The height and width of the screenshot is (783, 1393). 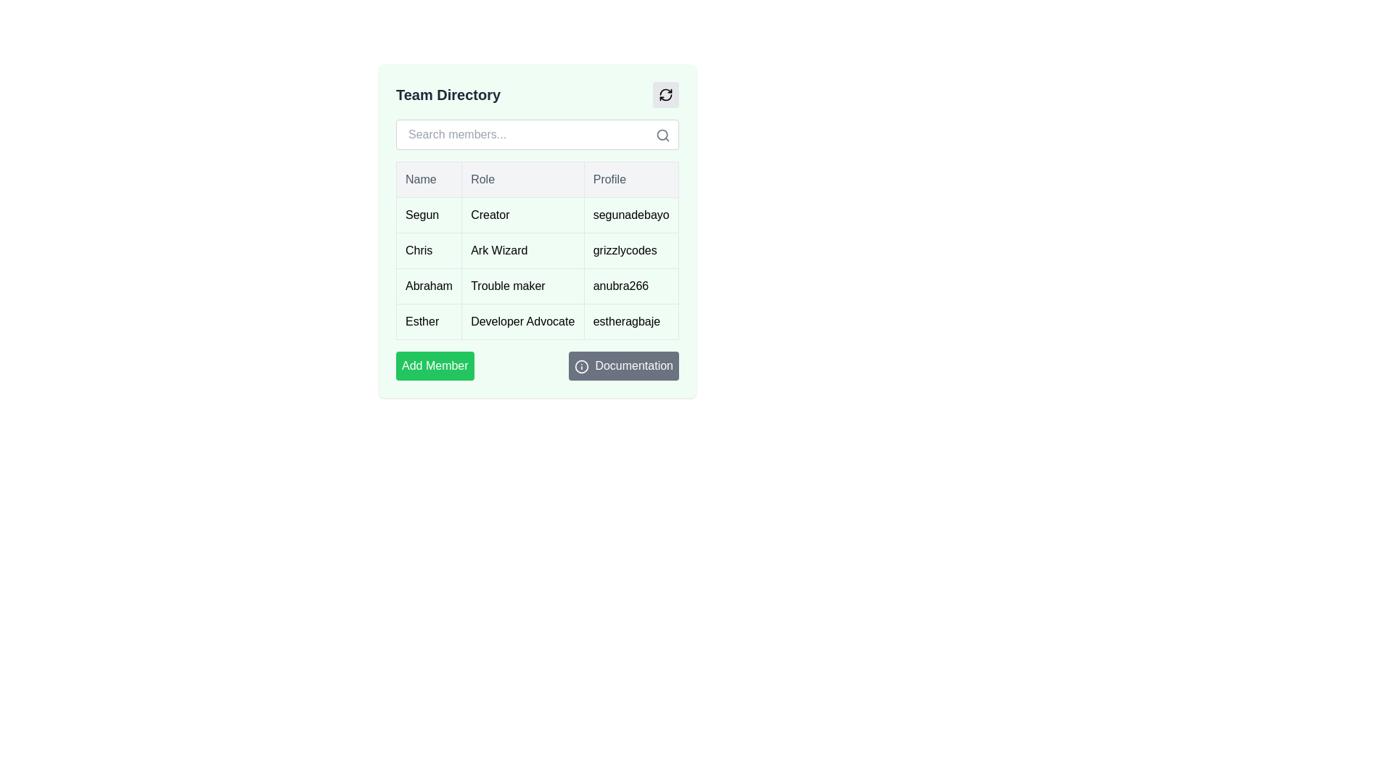 I want to click on the refresh button located in the top-right corner of the 'Team Directory' section, so click(x=665, y=95).